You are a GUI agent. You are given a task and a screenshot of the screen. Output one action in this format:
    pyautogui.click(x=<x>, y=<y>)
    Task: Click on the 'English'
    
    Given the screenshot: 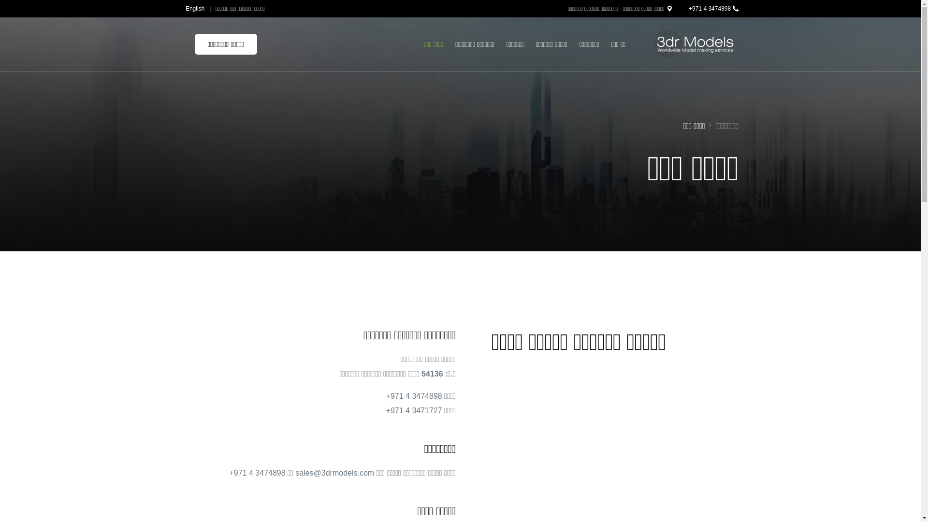 What is the action you would take?
    pyautogui.click(x=196, y=9)
    